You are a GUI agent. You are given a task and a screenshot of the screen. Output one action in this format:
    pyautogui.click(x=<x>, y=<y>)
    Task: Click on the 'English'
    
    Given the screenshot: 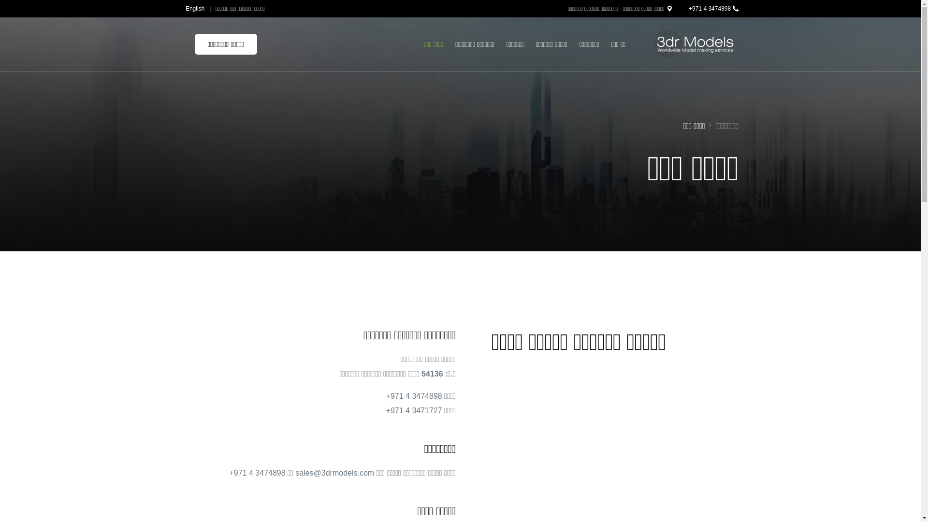 What is the action you would take?
    pyautogui.click(x=196, y=9)
    